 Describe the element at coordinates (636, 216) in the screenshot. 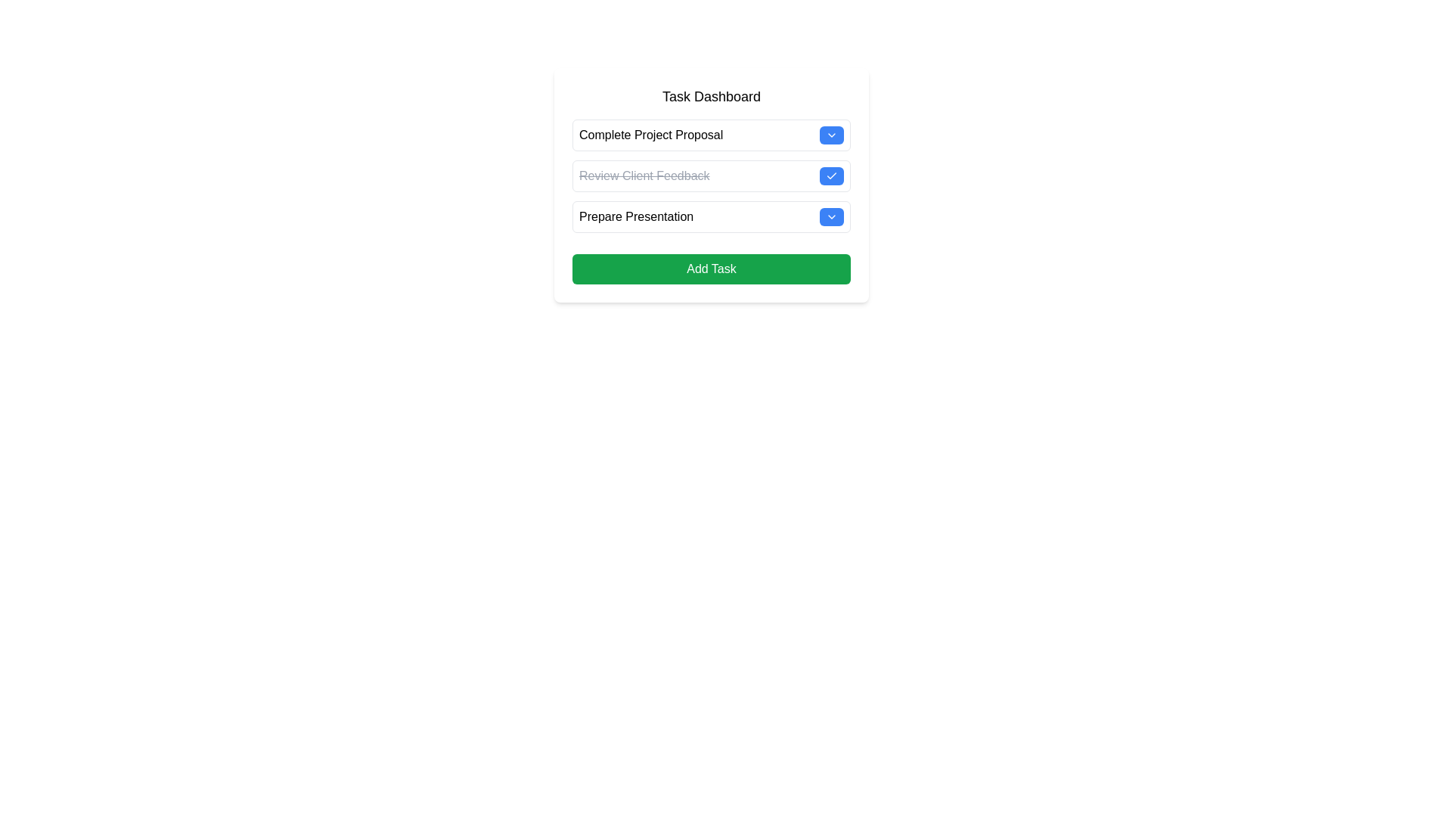

I see `the Text Label that identifies a specific task within the Task Dashboard, positioned as the third item in the task list` at that location.